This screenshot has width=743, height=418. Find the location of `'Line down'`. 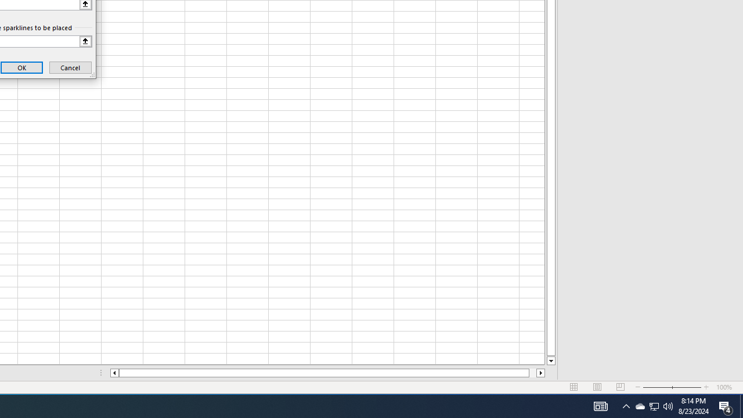

'Line down' is located at coordinates (550, 361).